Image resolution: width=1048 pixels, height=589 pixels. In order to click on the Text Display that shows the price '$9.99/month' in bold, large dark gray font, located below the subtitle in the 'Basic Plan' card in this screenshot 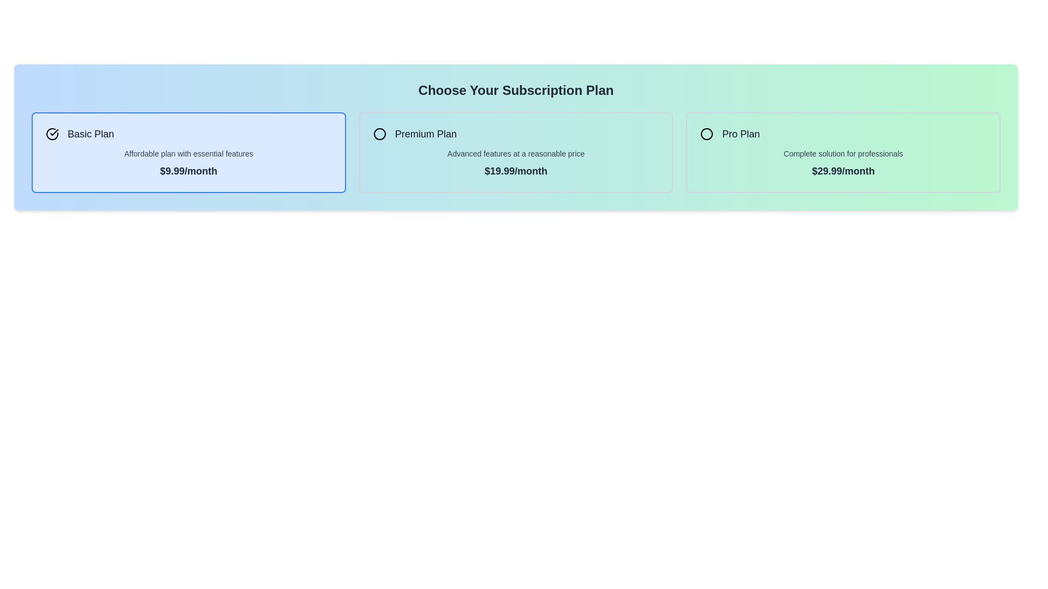, I will do `click(188, 171)`.